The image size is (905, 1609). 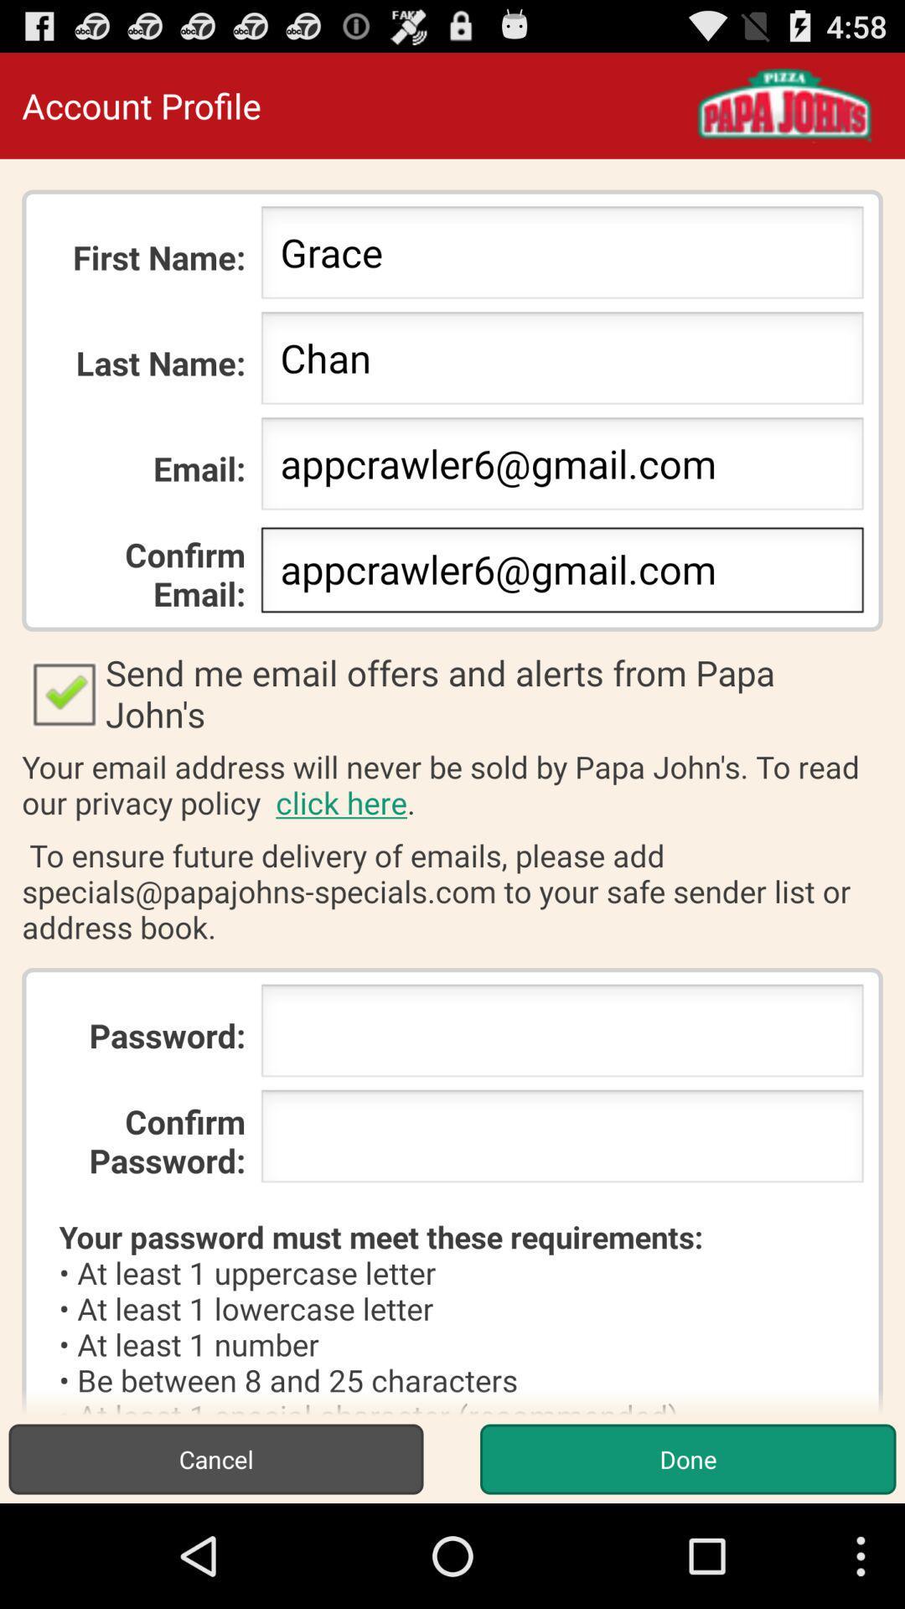 I want to click on chan icon, so click(x=562, y=362).